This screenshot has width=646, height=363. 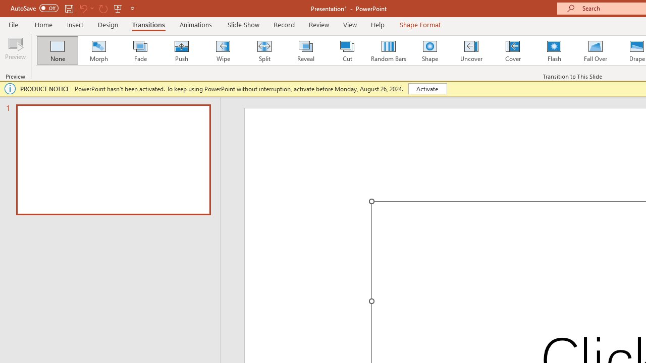 I want to click on 'Preview', so click(x=15, y=52).